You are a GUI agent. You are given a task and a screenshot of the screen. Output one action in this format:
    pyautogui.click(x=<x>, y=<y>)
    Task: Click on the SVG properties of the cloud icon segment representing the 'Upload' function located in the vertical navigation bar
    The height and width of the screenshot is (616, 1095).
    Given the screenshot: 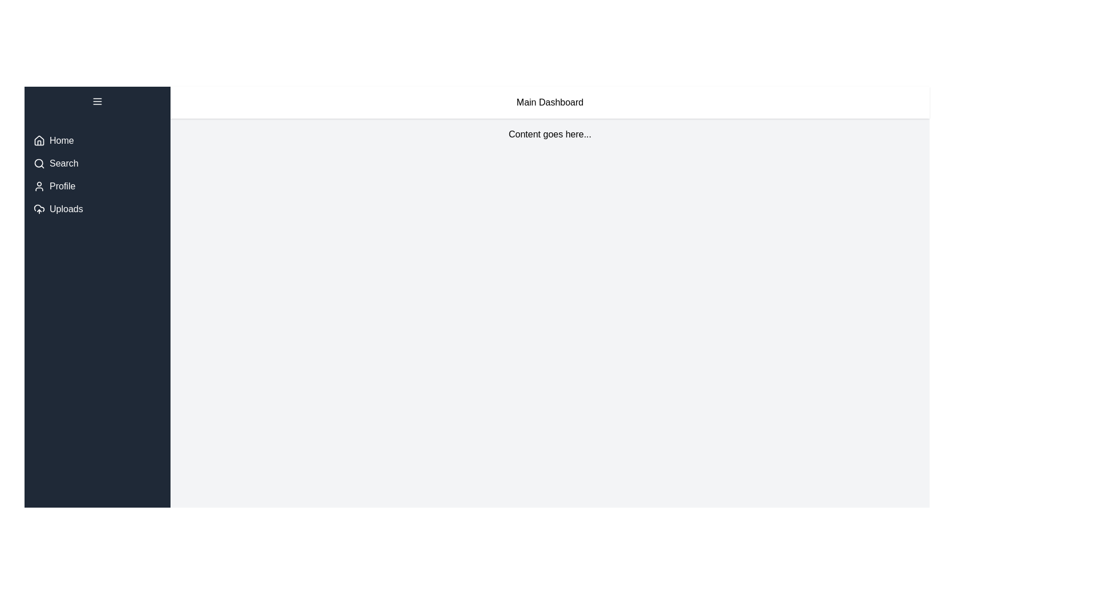 What is the action you would take?
    pyautogui.click(x=39, y=208)
    